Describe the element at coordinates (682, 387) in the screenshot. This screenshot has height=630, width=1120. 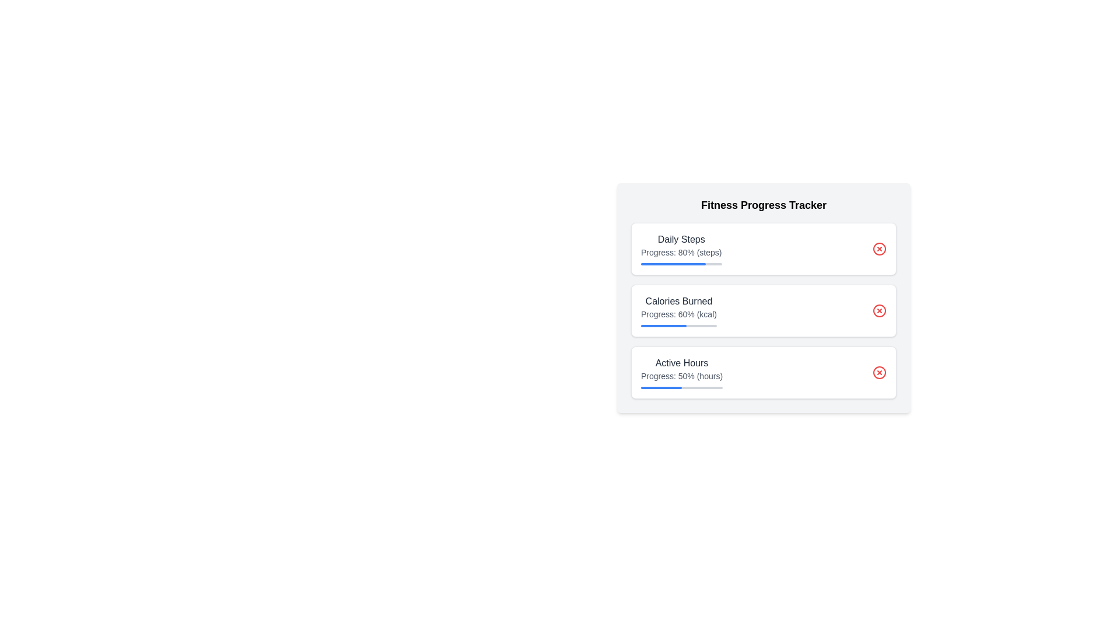
I see `the progress visually on the thin horizontal progress bar located in the 'Active Hours' section of the 'Fitness Progress Tracker', which is below the 'Active Hours' text and the 'Progress: 50% (hours)' label` at that location.